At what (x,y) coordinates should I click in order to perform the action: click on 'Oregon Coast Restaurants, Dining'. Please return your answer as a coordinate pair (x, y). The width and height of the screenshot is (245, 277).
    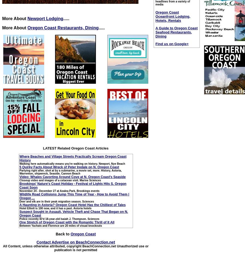
    Looking at the image, I should click on (63, 27).